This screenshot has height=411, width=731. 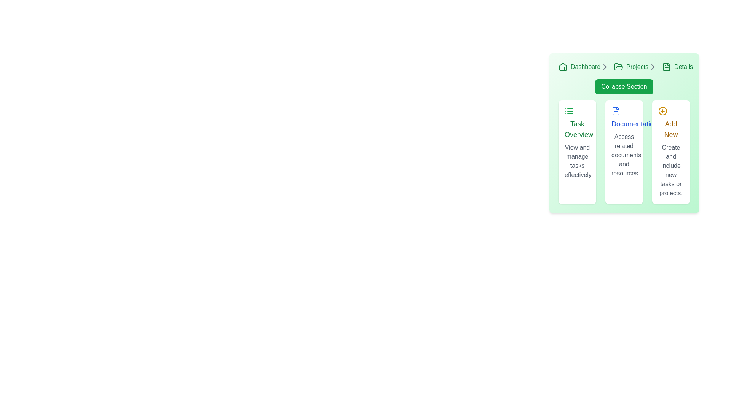 I want to click on the informational card in the middle column of the three-column layout beneath the 'Collapse Section' button, so click(x=624, y=133).